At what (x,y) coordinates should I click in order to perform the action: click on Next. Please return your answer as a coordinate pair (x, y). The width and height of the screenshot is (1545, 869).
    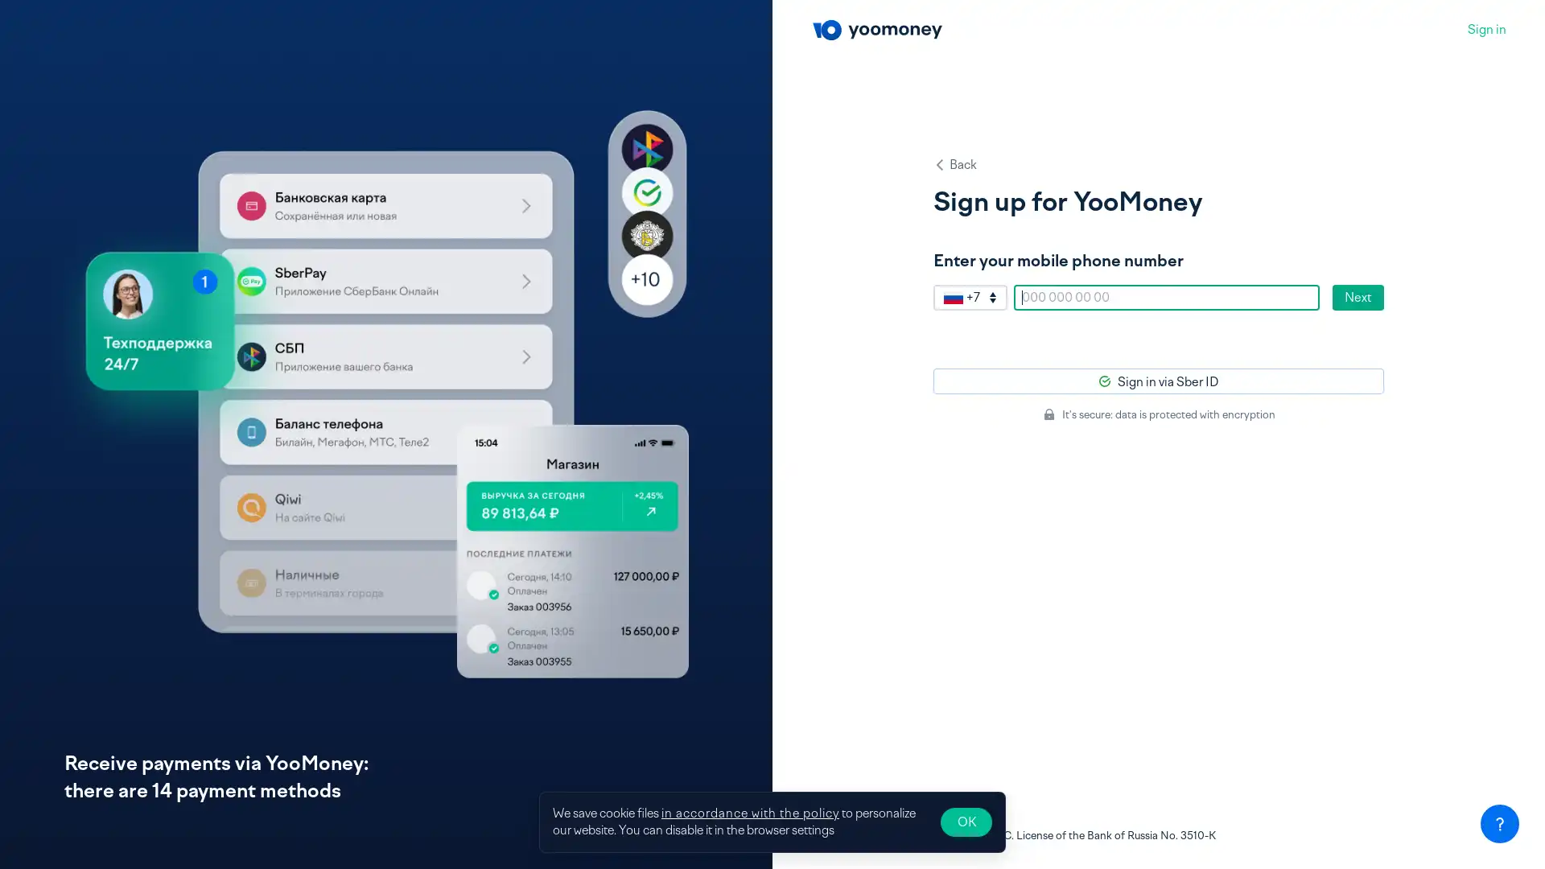
    Looking at the image, I should click on (1358, 298).